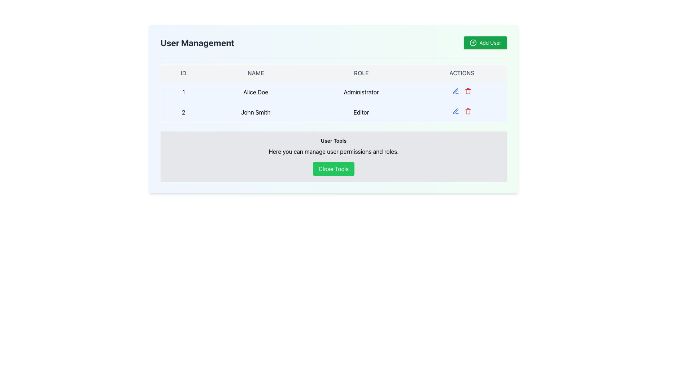 This screenshot has height=389, width=693. Describe the element at coordinates (256, 91) in the screenshot. I see `the 'Alice Doe' text label located in the 'NAME' column of the 'User Management' table` at that location.